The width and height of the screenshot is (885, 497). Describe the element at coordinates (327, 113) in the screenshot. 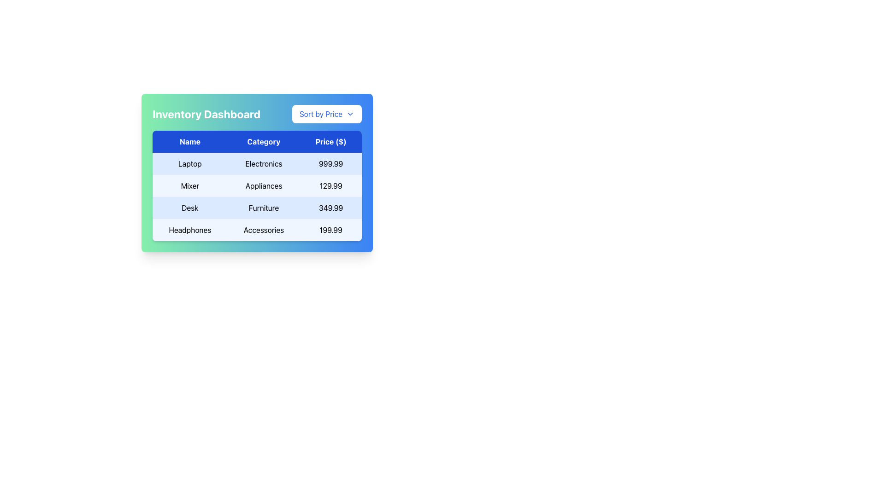

I see `the 'Sort by Price' dropdown button, which is styled with rounded corners and includes a downward arrow icon` at that location.